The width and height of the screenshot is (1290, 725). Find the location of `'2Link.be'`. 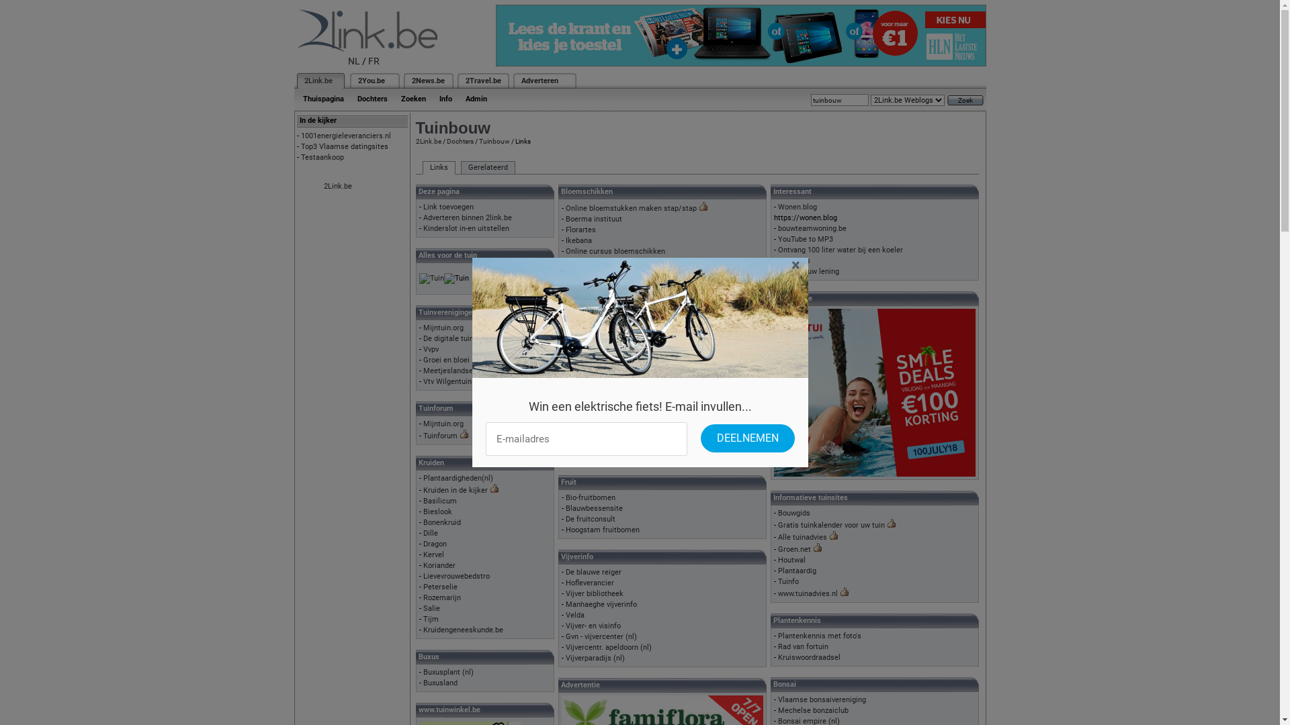

'2Link.be' is located at coordinates (323, 186).